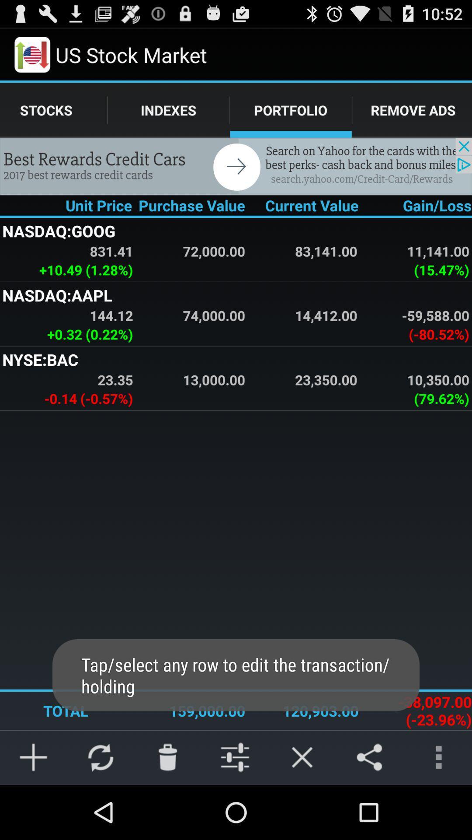 This screenshot has width=472, height=840. What do you see at coordinates (101, 757) in the screenshot?
I see `the button which is left side of the delete button` at bounding box center [101, 757].